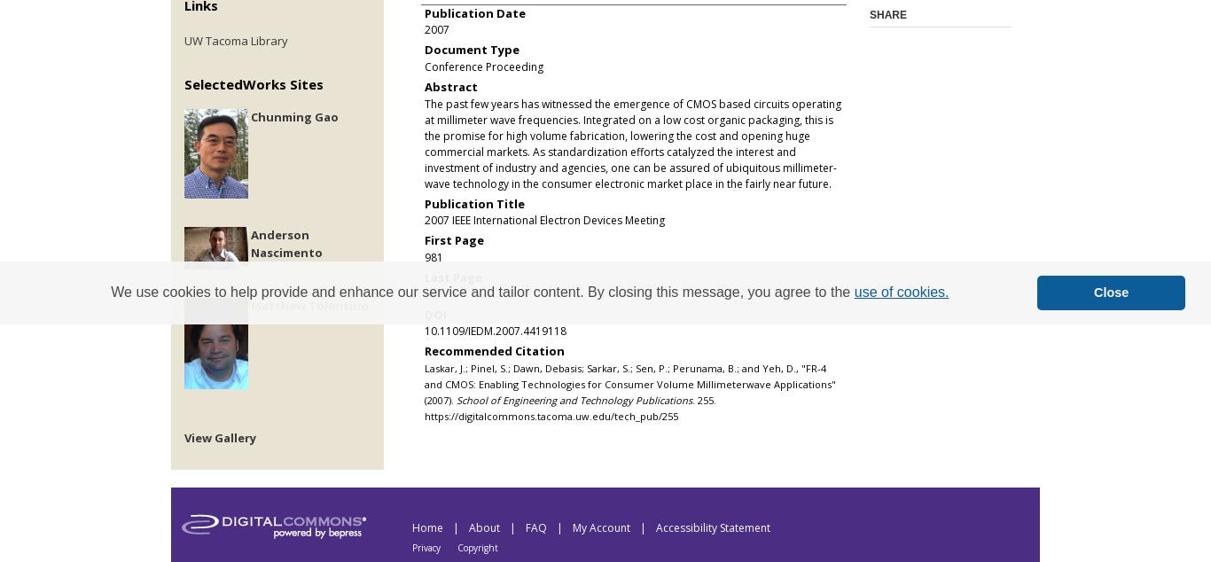  Describe the element at coordinates (481, 292) in the screenshot. I see `'We use cookies to help provide and enhance our service and tailor content. By closing this message, you agree to the'` at that location.